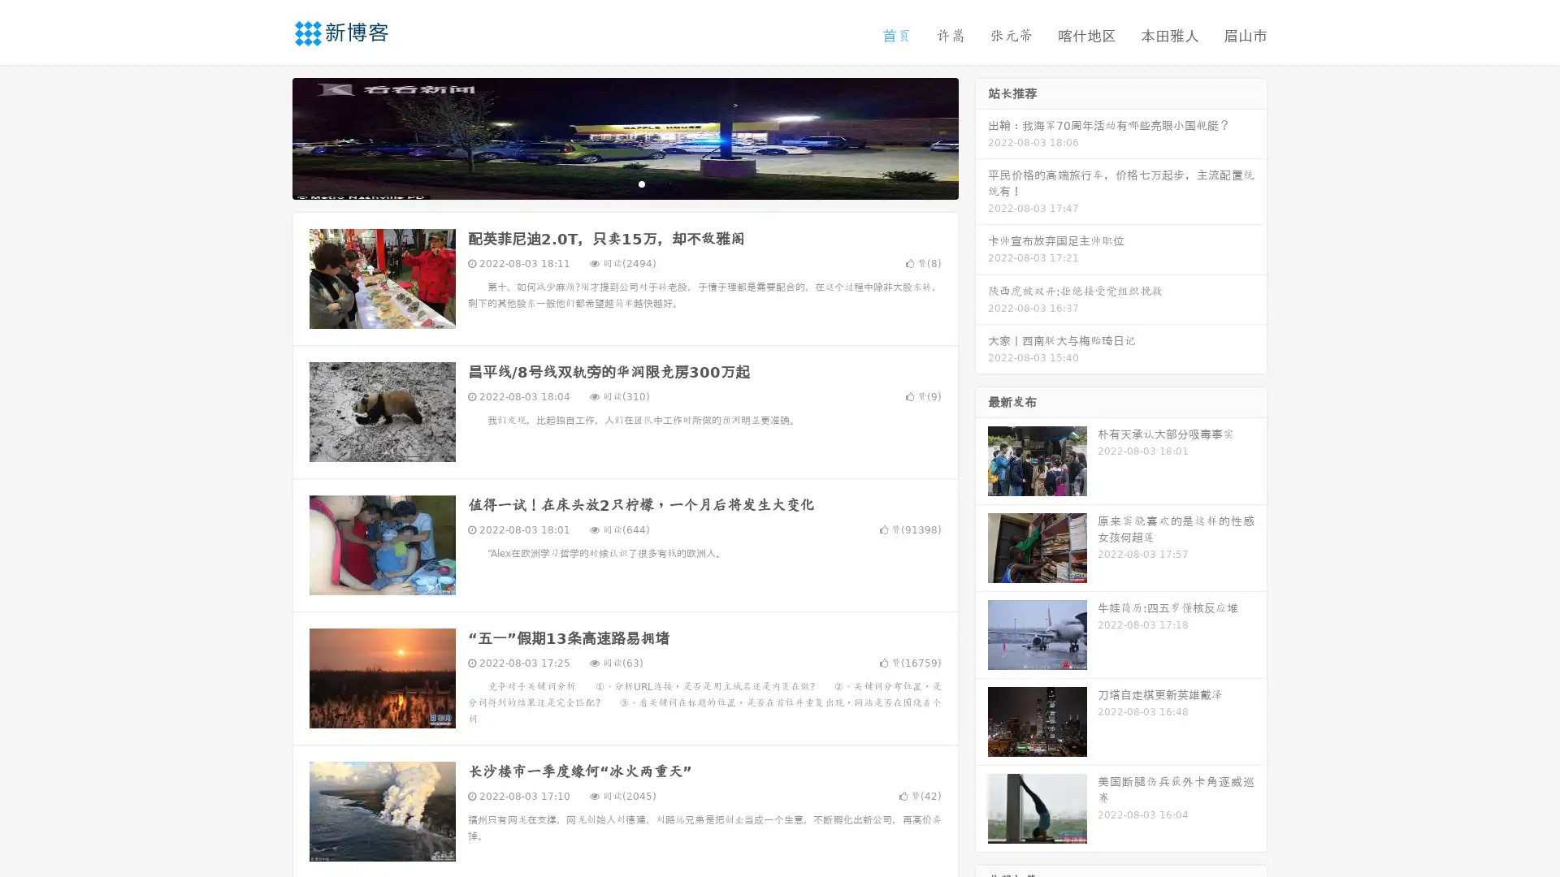 The width and height of the screenshot is (1560, 877). Describe the element at coordinates (981, 136) in the screenshot. I see `Next slide` at that location.